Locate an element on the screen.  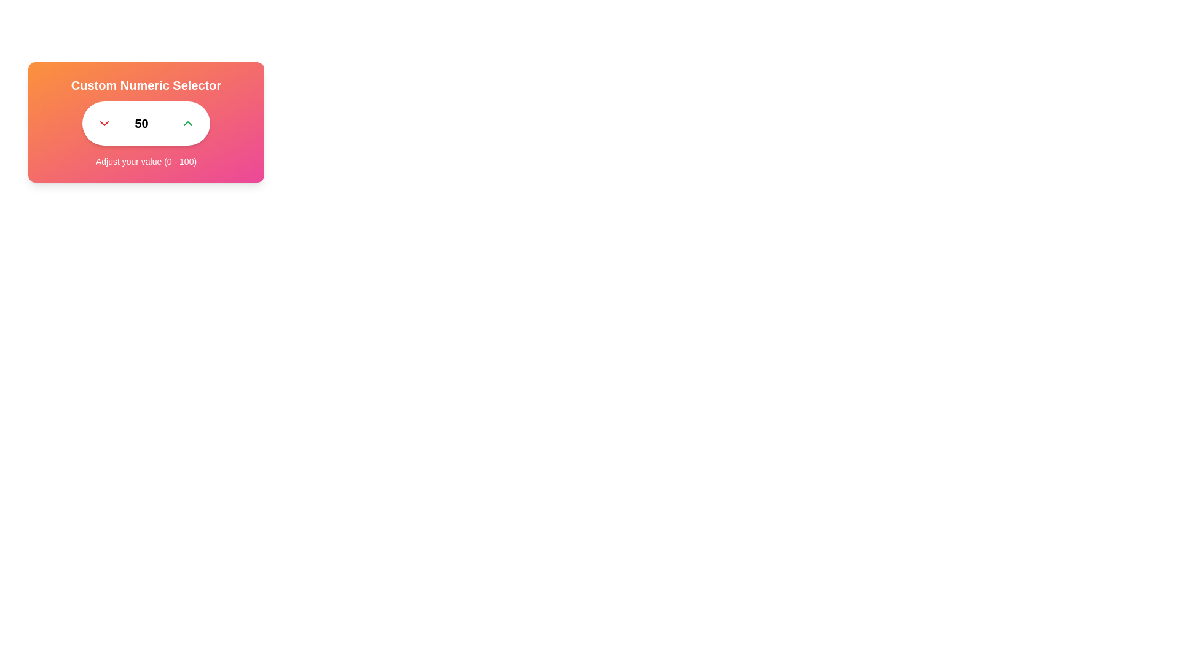
the instructional static text label that guides the user on the valid input range for the numeric selector above it, located at the bottom of the visual card is located at coordinates (146, 160).